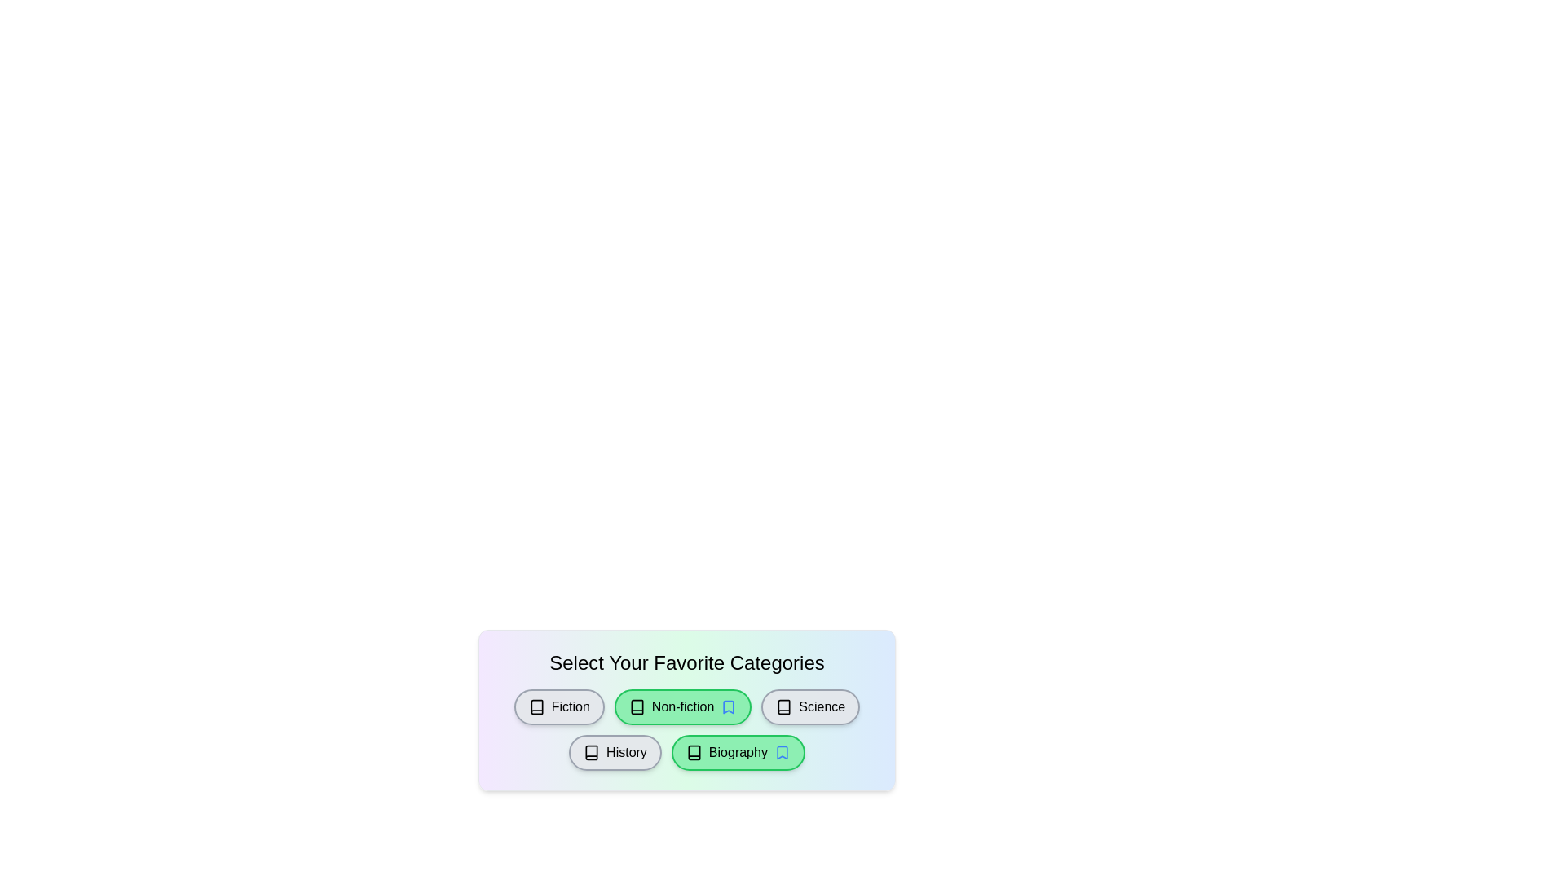  What do you see at coordinates (613, 753) in the screenshot?
I see `the category History` at bounding box center [613, 753].